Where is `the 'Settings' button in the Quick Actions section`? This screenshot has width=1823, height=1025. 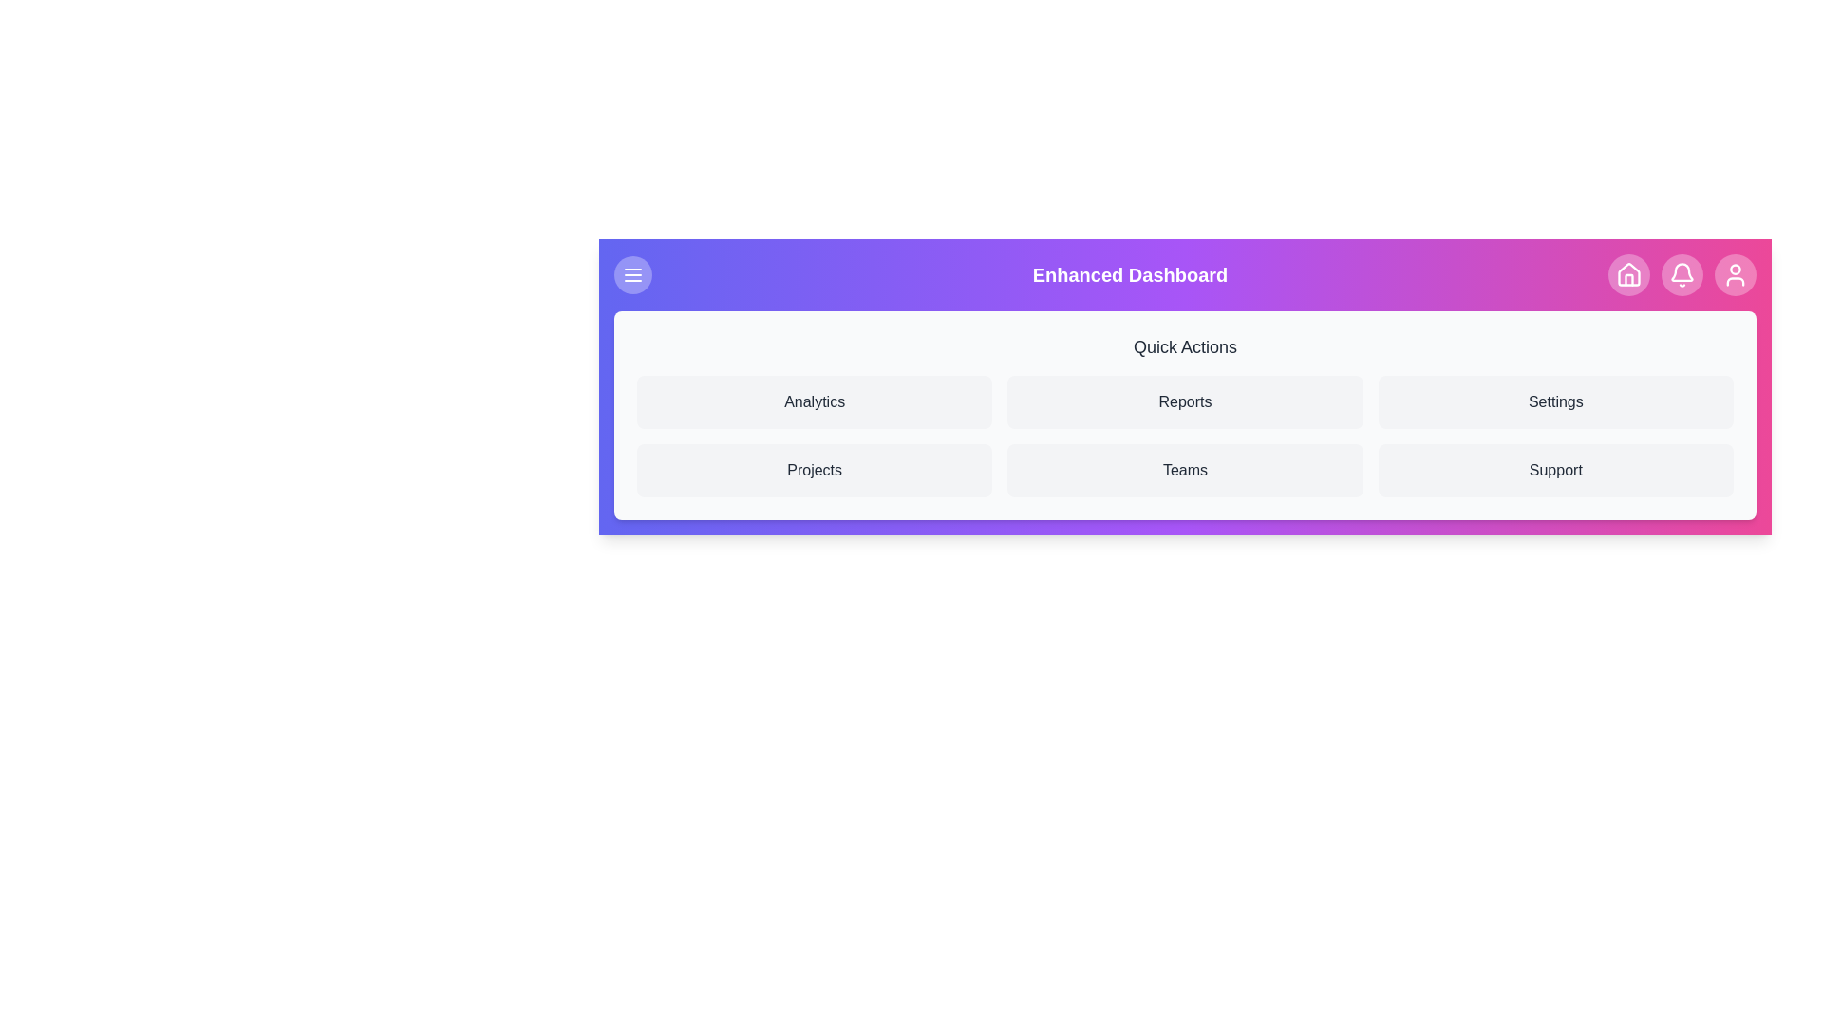
the 'Settings' button in the Quick Actions section is located at coordinates (1555, 401).